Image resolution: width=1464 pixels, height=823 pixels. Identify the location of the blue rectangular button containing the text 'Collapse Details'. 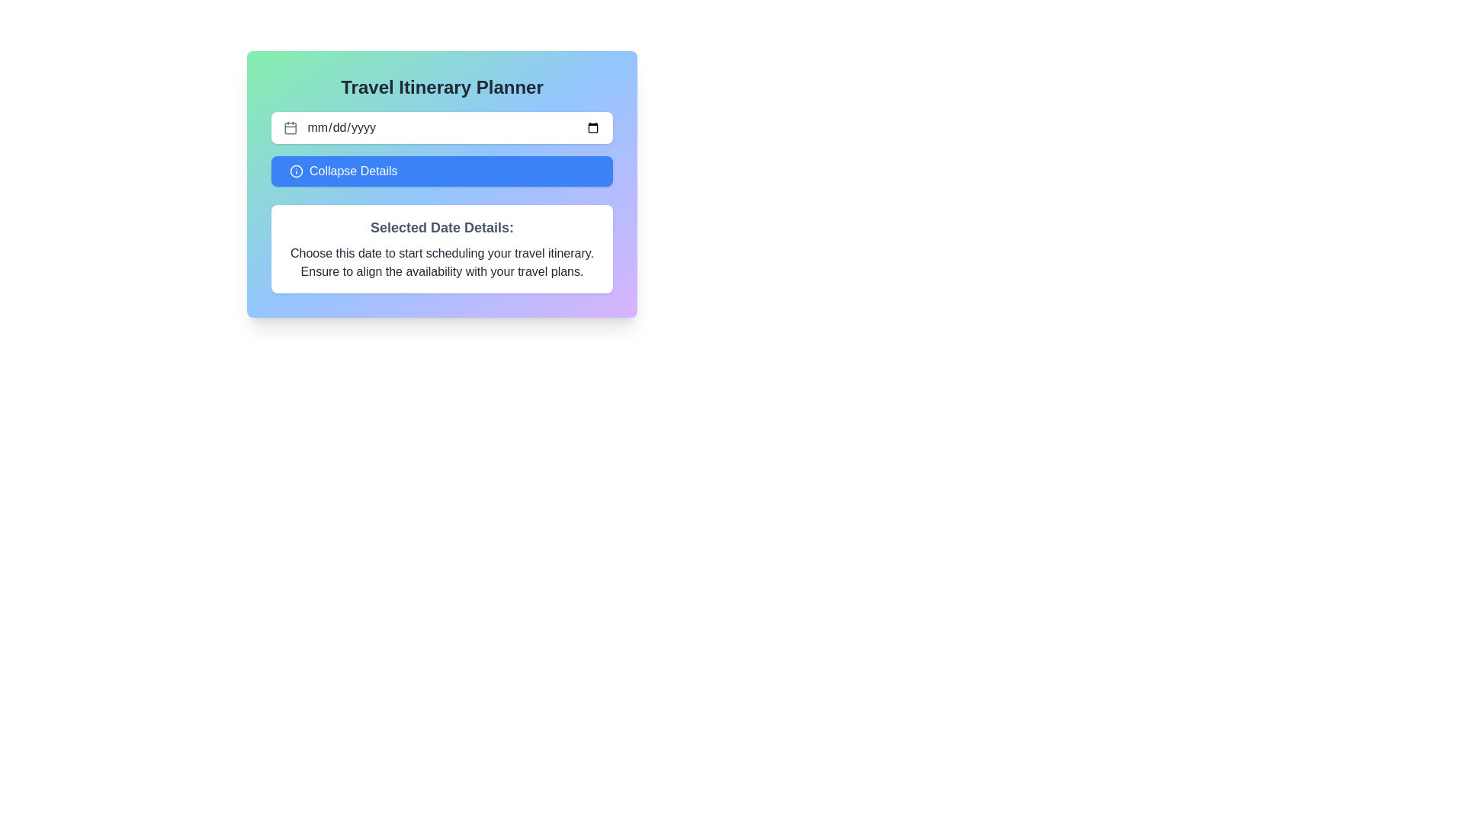
(352, 171).